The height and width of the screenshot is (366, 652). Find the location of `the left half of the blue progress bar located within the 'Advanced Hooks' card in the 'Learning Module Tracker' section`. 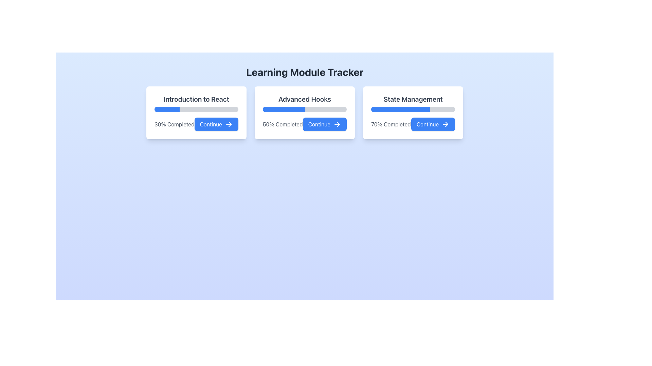

the left half of the blue progress bar located within the 'Advanced Hooks' card in the 'Learning Module Tracker' section is located at coordinates (284, 109).